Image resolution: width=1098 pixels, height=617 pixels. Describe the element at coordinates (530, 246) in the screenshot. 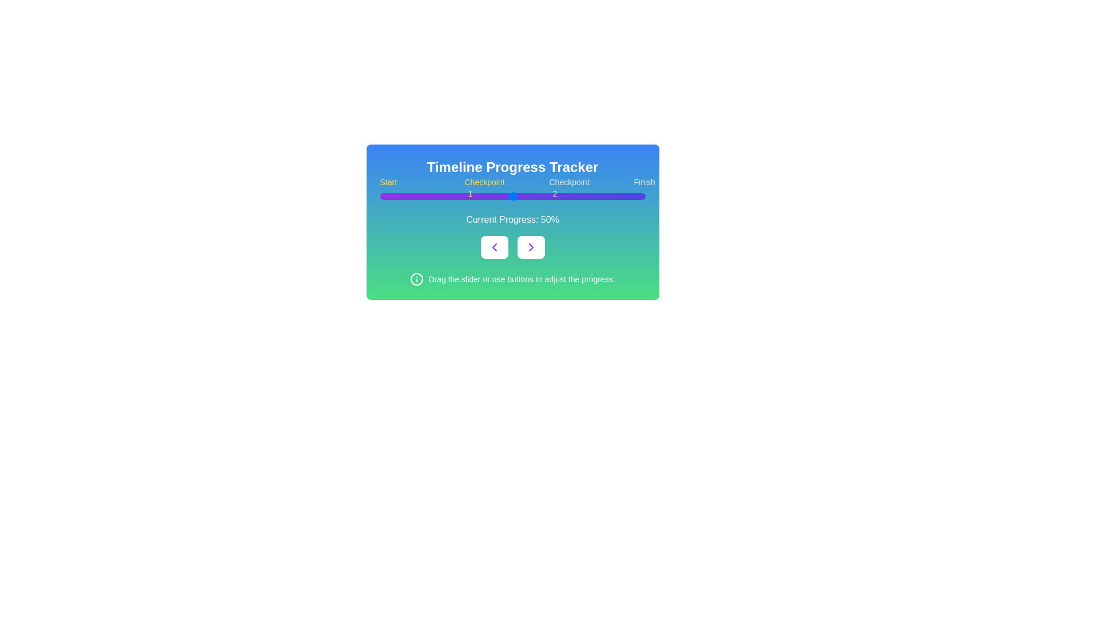

I see `the rightmost button's icon, which indicates progression in the sequence` at that location.